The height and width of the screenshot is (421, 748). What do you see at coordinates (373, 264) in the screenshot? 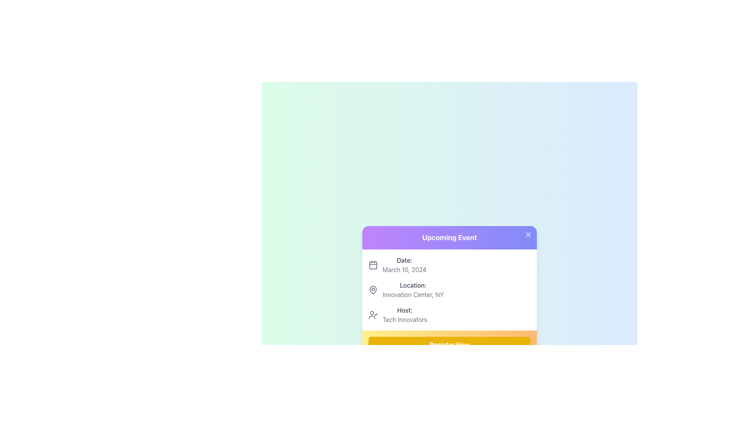
I see `the calendar icon, which has a simple outline design and is located to the left of the label 'Date: March 10, 2024'` at bounding box center [373, 264].